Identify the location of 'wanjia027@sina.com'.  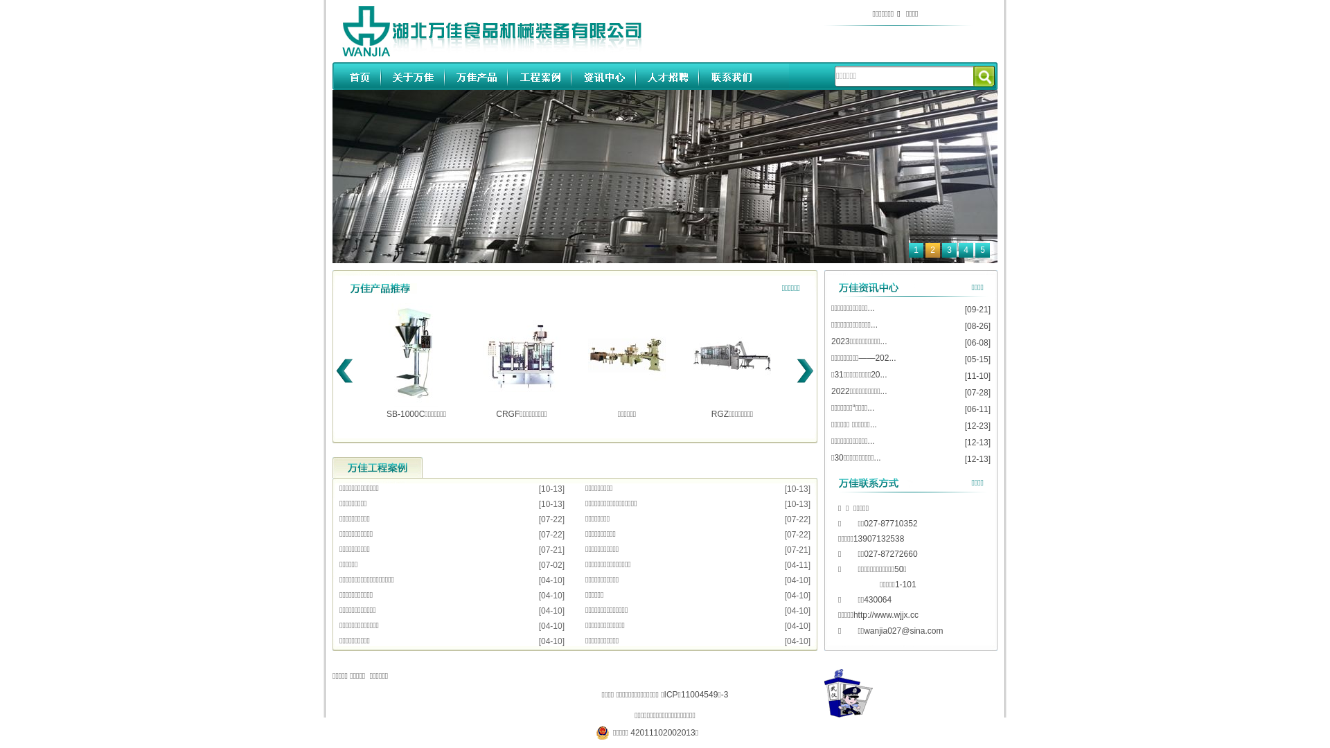
(903, 630).